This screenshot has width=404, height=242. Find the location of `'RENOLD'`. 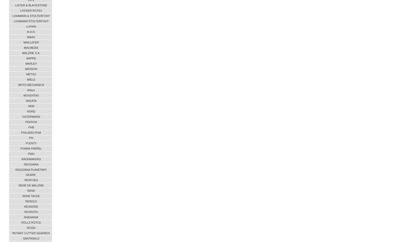

'RENOLD' is located at coordinates (31, 201).